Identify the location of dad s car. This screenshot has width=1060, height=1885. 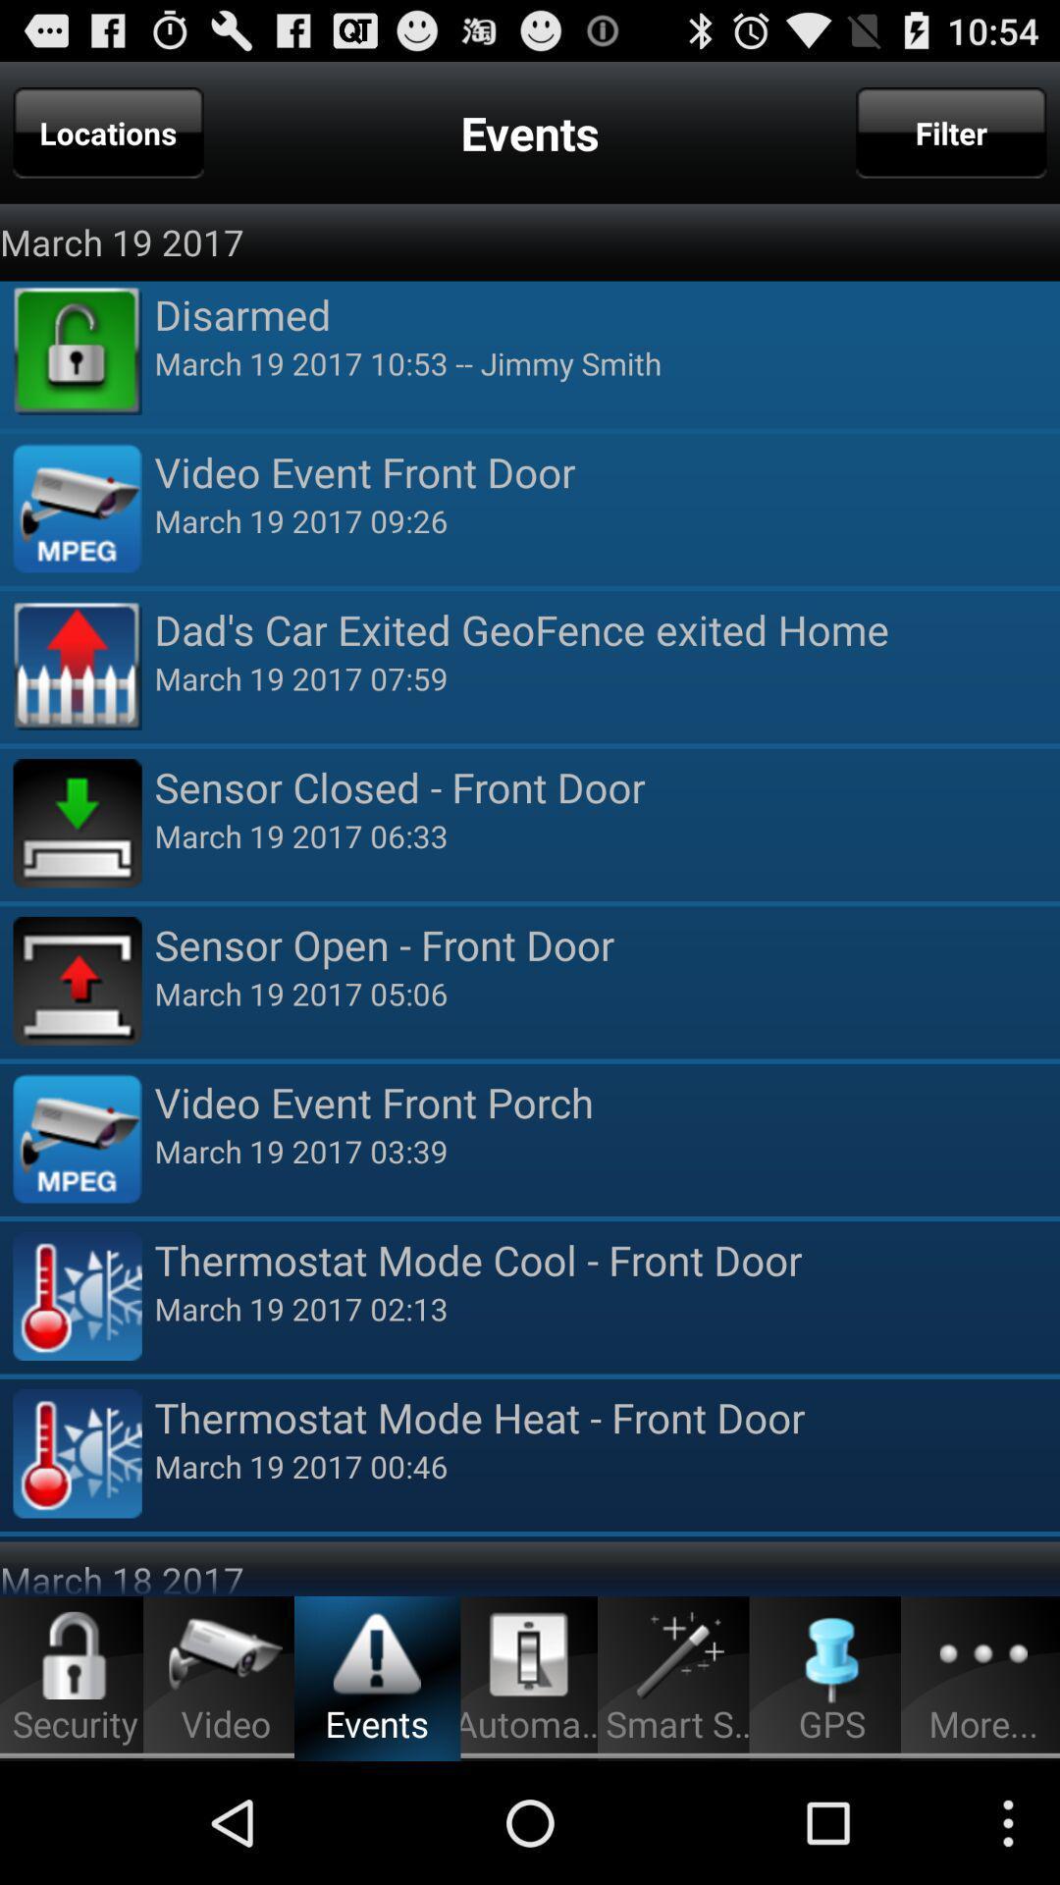
(606, 629).